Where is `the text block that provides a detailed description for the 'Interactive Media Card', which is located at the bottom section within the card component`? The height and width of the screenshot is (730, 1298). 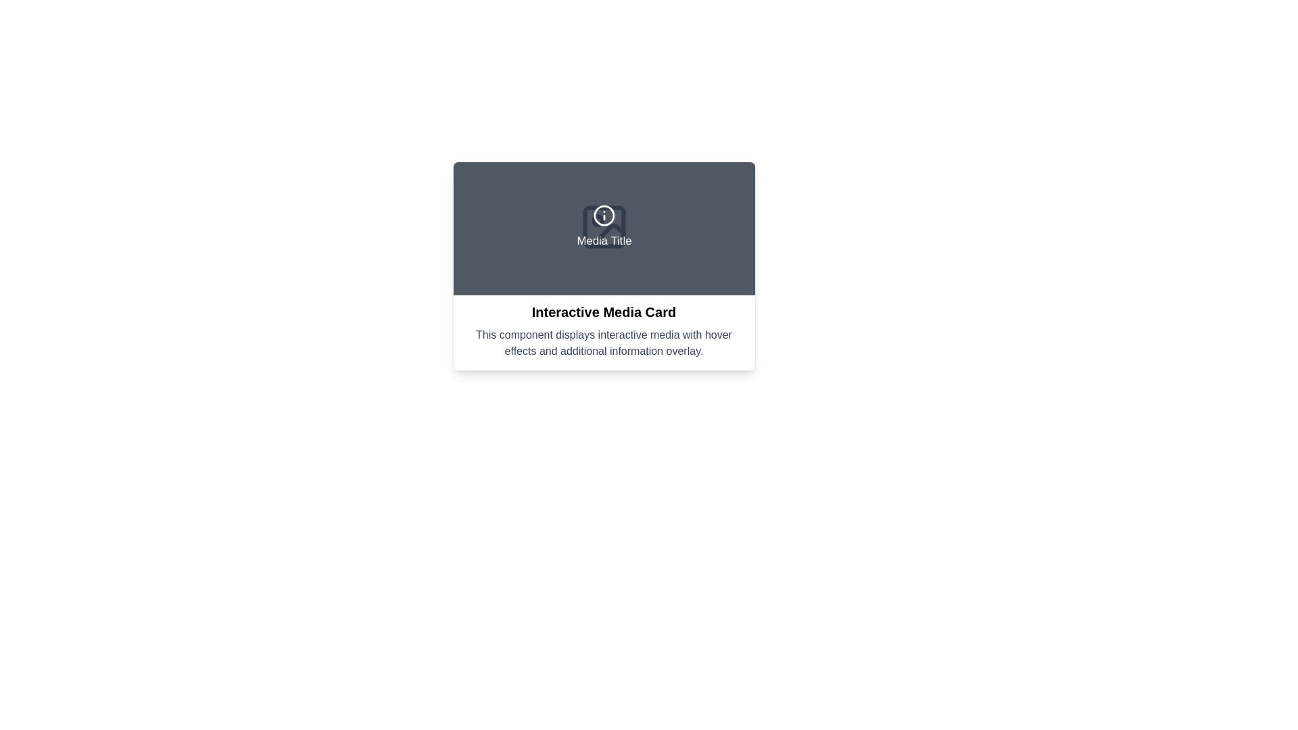
the text block that provides a detailed description for the 'Interactive Media Card', which is located at the bottom section within the card component is located at coordinates (603, 343).